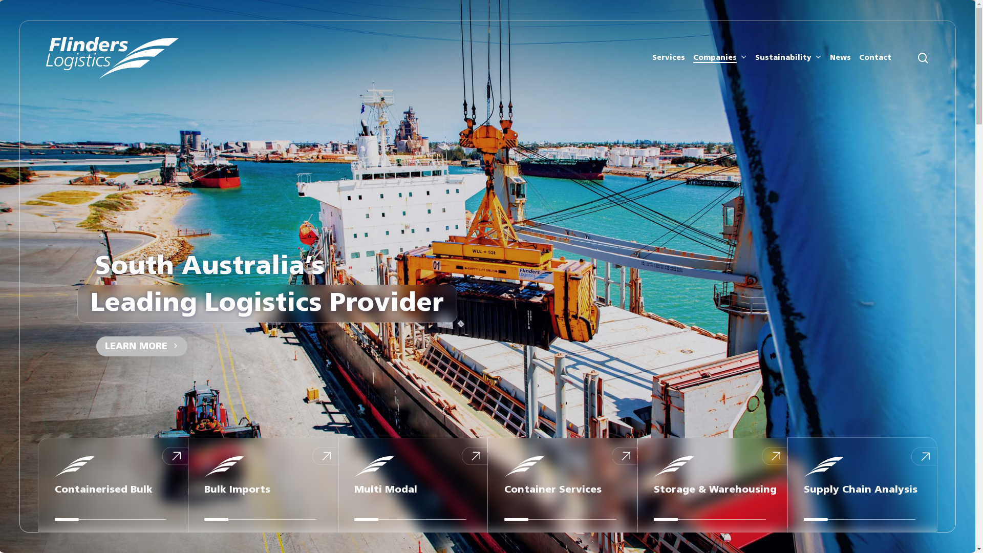 This screenshot has height=553, width=983. I want to click on 'LEARN MORE', so click(139, 345).